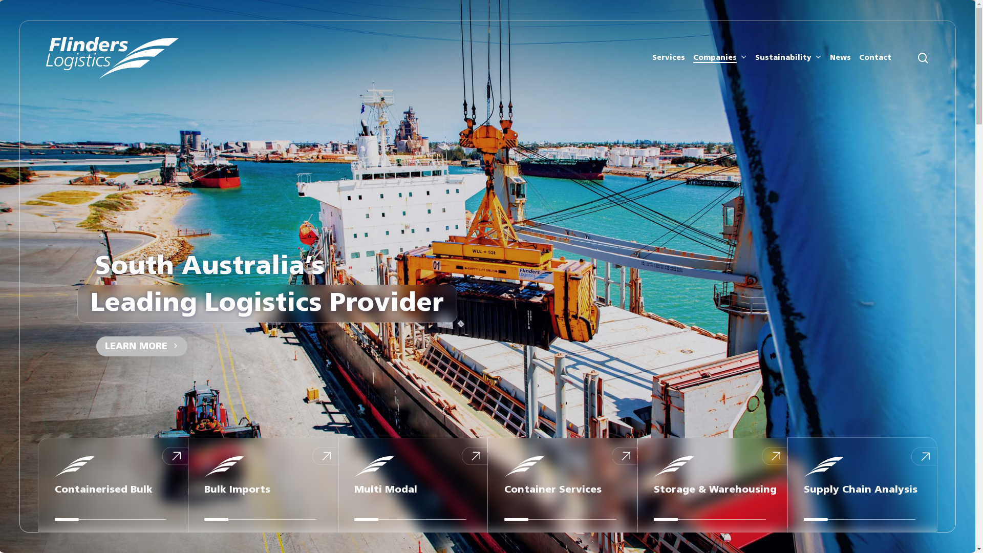 This screenshot has height=553, width=983. I want to click on 'LEARN MORE', so click(139, 345).